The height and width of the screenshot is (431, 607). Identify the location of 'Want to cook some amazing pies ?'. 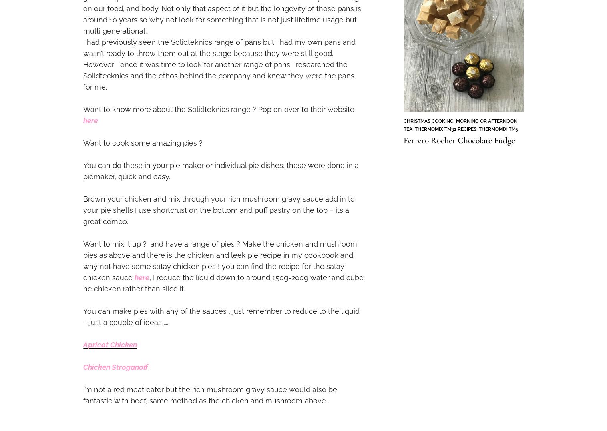
(143, 142).